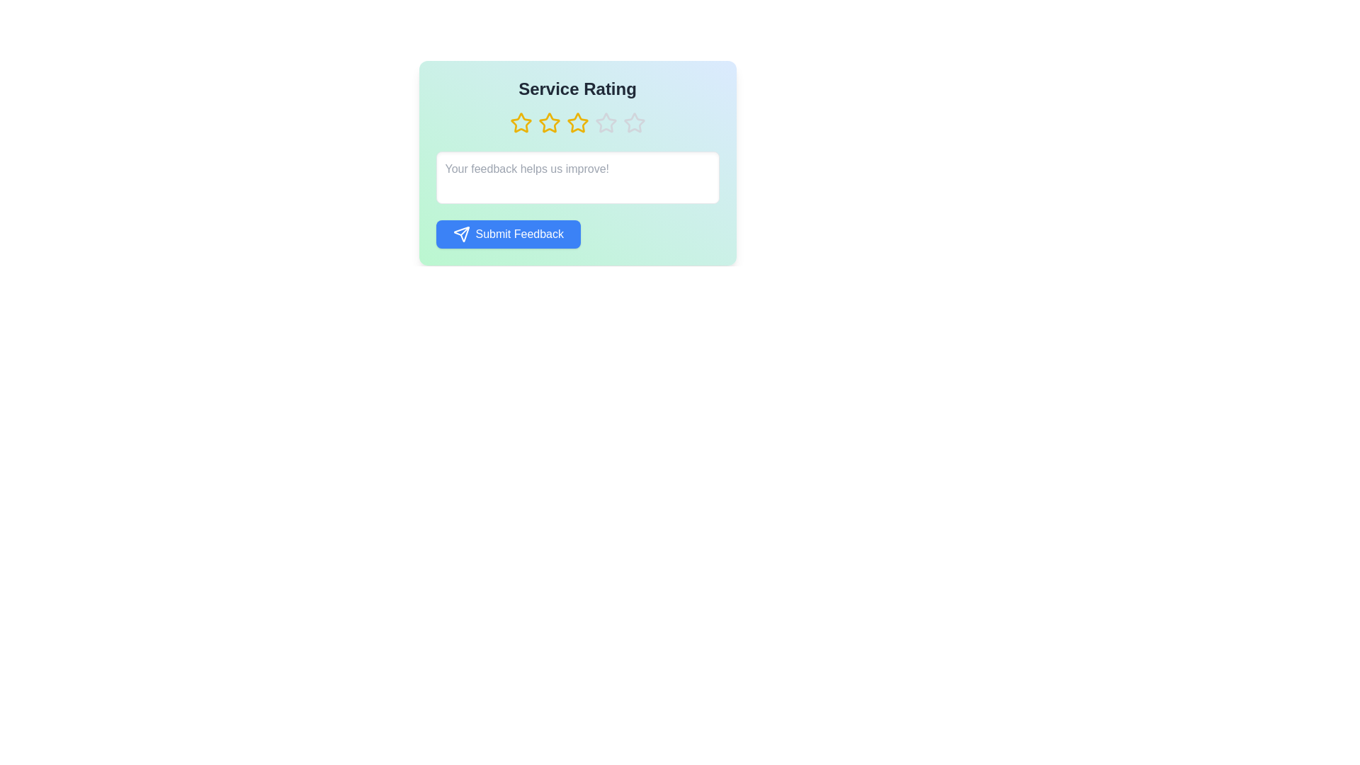 Image resolution: width=1360 pixels, height=765 pixels. I want to click on the second star icon in the 5-star rating system, so click(548, 122).